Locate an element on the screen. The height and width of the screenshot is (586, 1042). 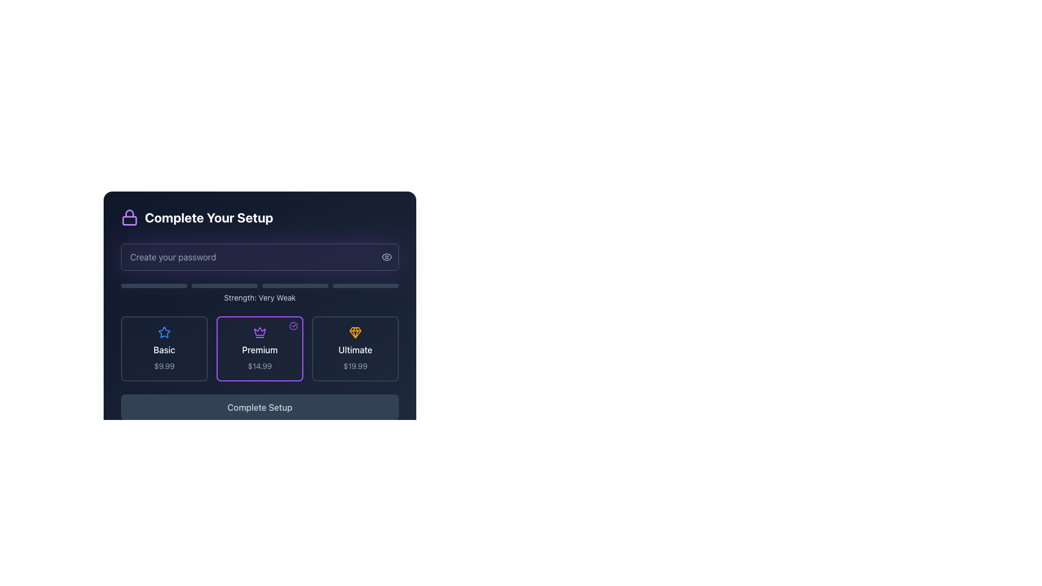
the 'Premium' option icon, which is located at the top center of the 'Premium' plan box, distinguished by a purple outline among the three plan options is located at coordinates (259, 332).